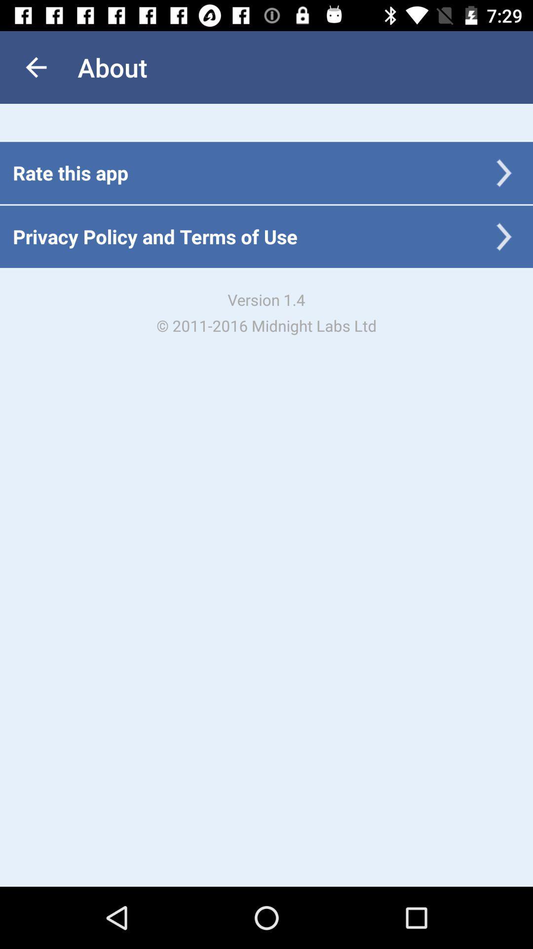 The height and width of the screenshot is (949, 533). Describe the element at coordinates (70, 173) in the screenshot. I see `the rate this app icon` at that location.